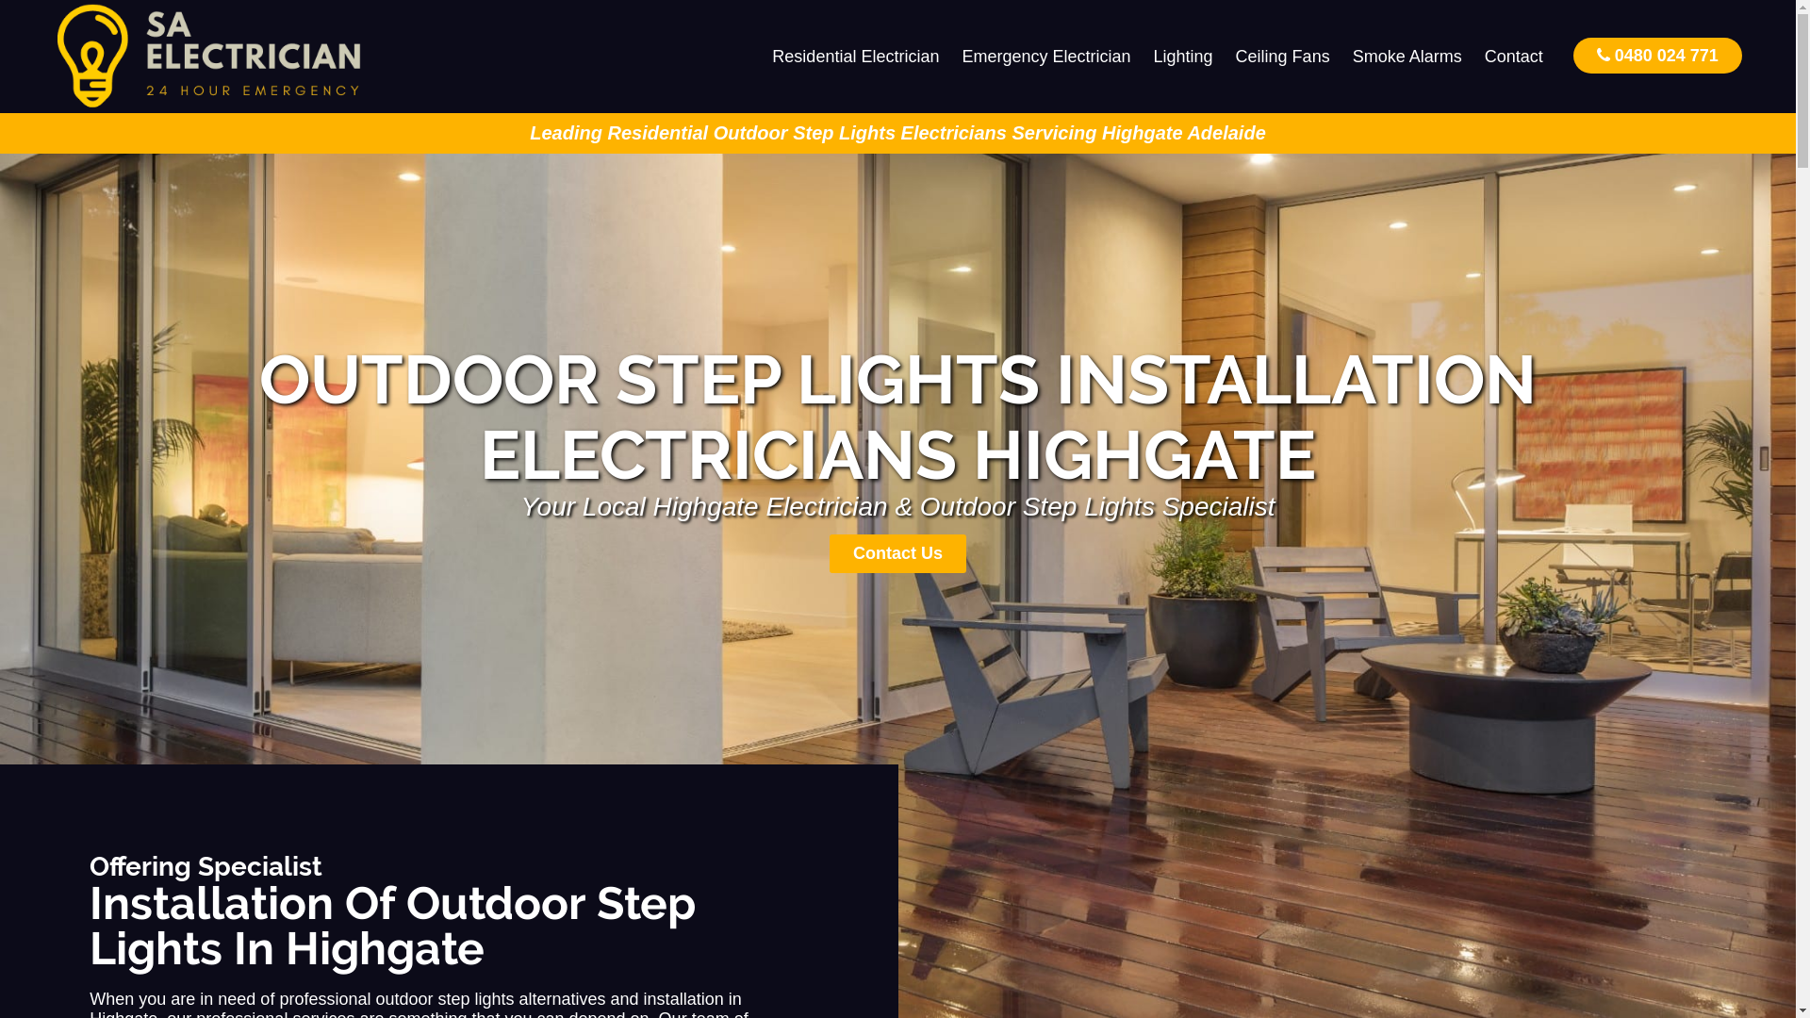 Image resolution: width=1810 pixels, height=1018 pixels. What do you see at coordinates (1340, 56) in the screenshot?
I see `'Smoke Alarms'` at bounding box center [1340, 56].